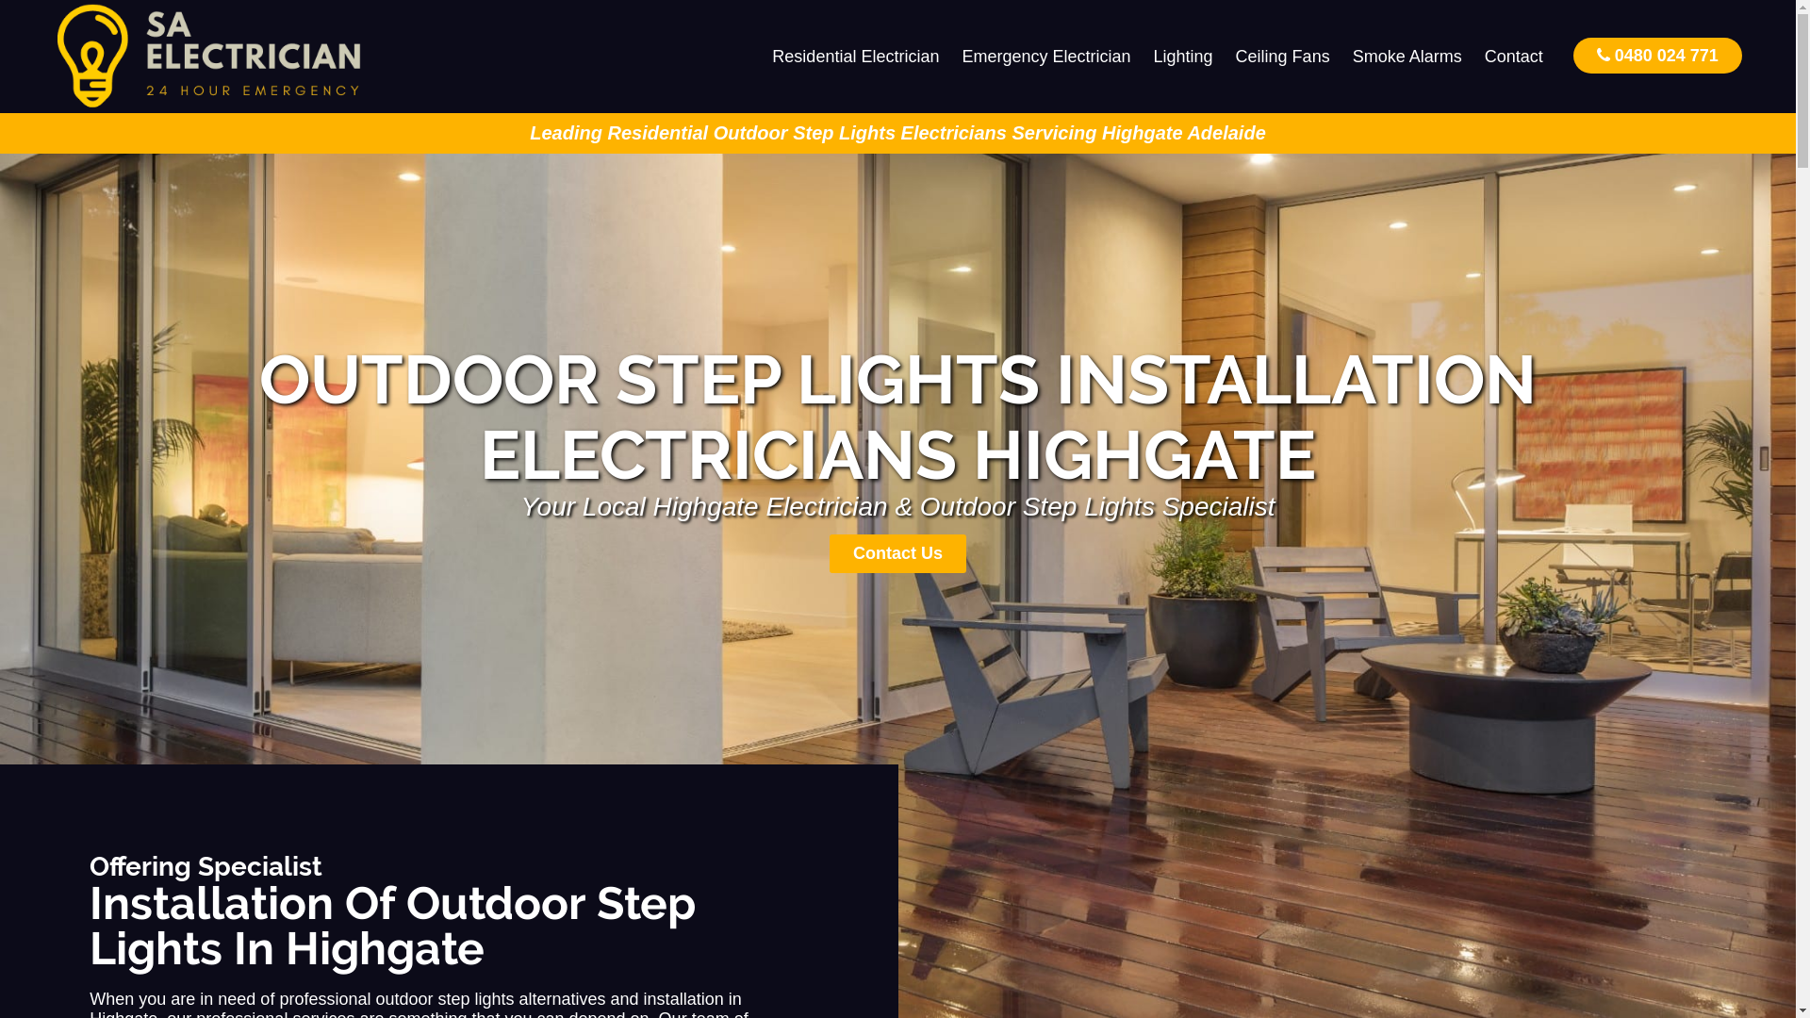 Image resolution: width=1810 pixels, height=1018 pixels. What do you see at coordinates (1340, 56) in the screenshot?
I see `'Smoke Alarms'` at bounding box center [1340, 56].